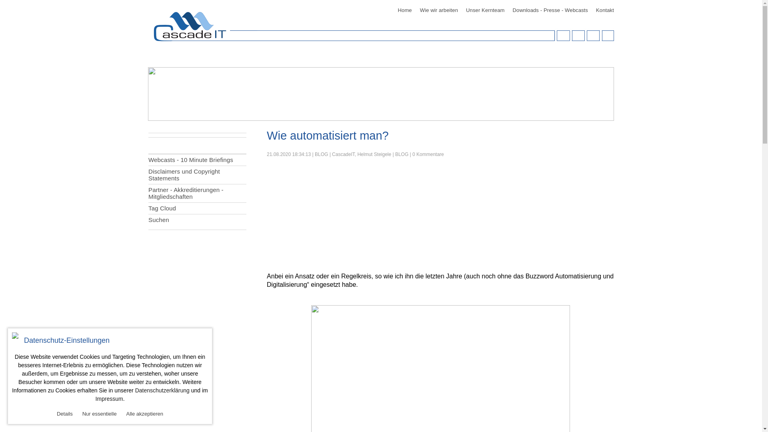 The width and height of the screenshot is (768, 432). What do you see at coordinates (78, 413) in the screenshot?
I see `'Nur essentielle'` at bounding box center [78, 413].